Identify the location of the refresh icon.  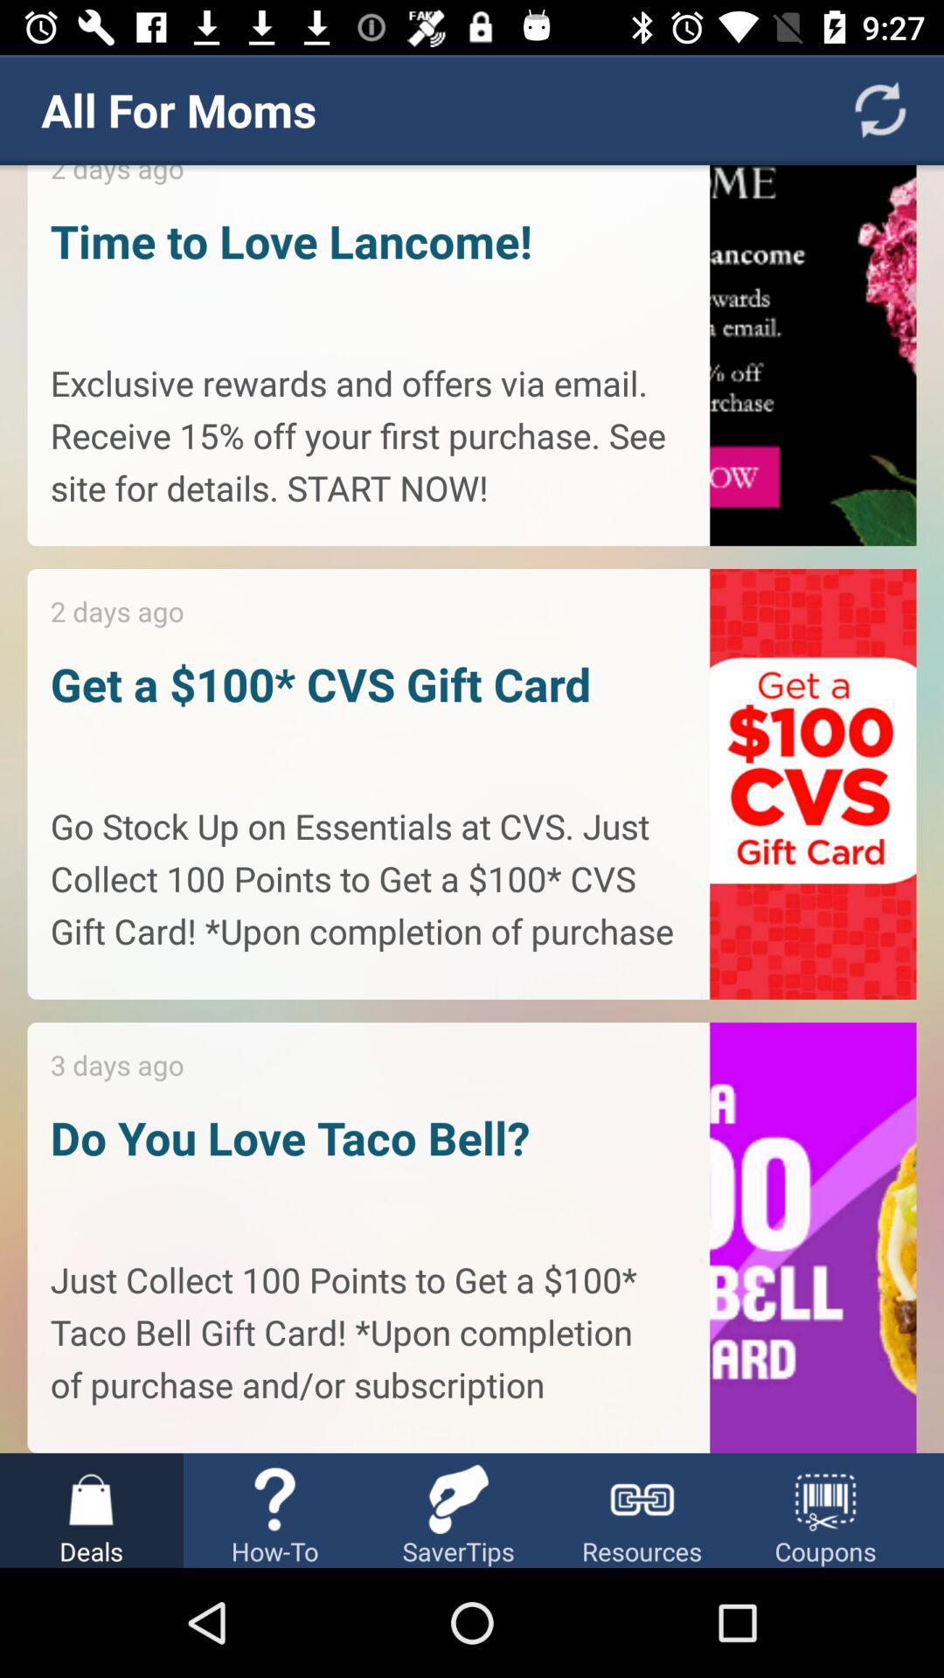
(879, 108).